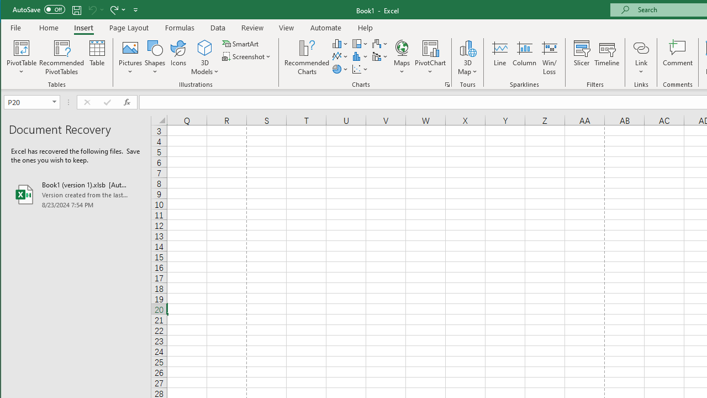  Describe the element at coordinates (22, 57) in the screenshot. I see `'PivotTable'` at that location.